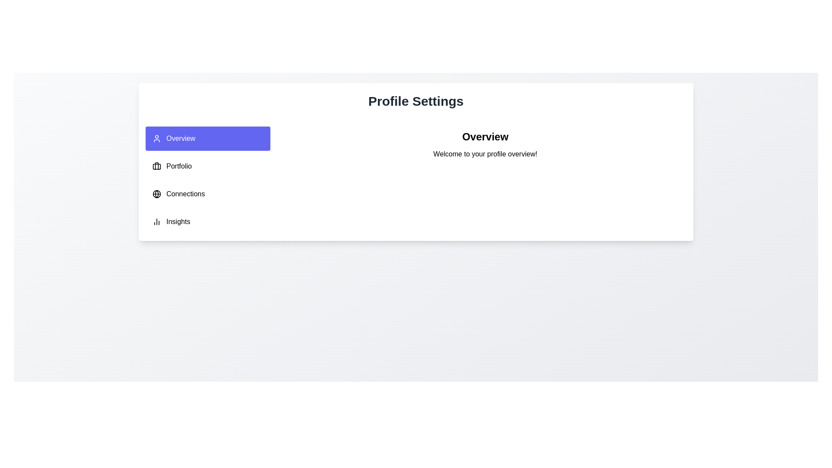 Image resolution: width=832 pixels, height=468 pixels. Describe the element at coordinates (208, 138) in the screenshot. I see `the tab labeled Overview in the navigation menu` at that location.